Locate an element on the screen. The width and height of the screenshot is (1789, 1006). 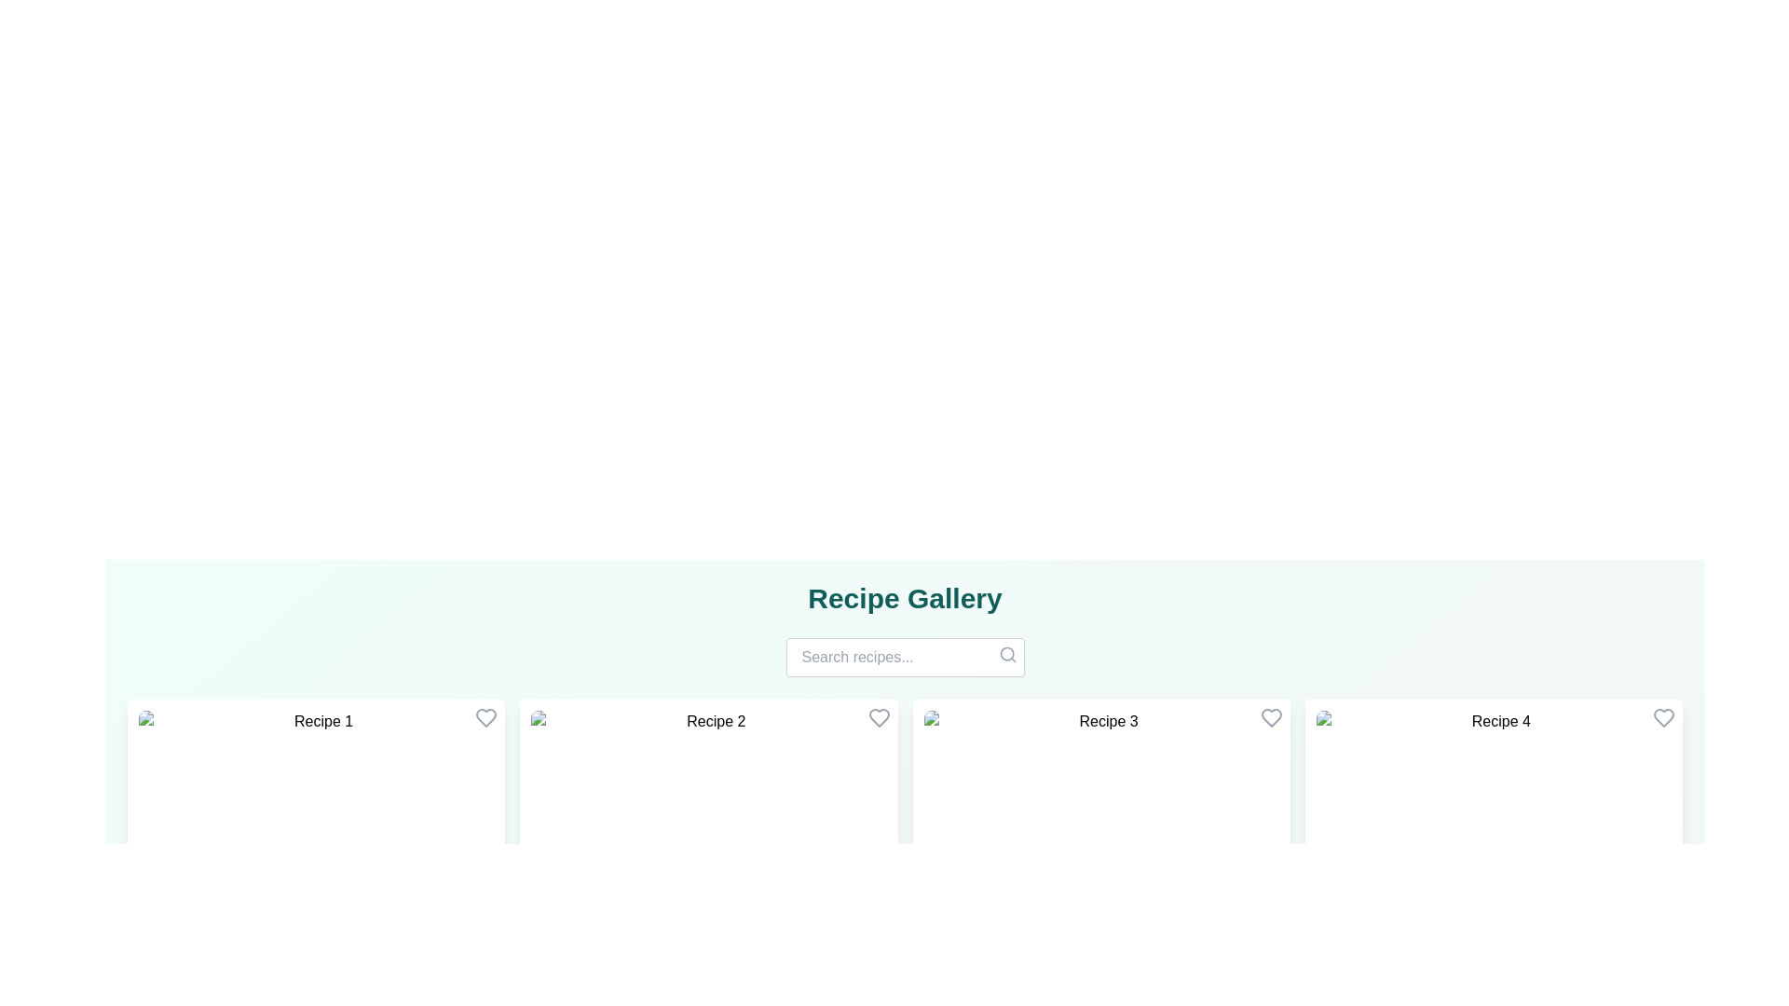
the heart-shaped icon, which is a button or indicator for 'like' or 'favorite' action, located to the right of the 'Recipe 2' title and image in the second card of the recipe gallery is located at coordinates (878, 717).